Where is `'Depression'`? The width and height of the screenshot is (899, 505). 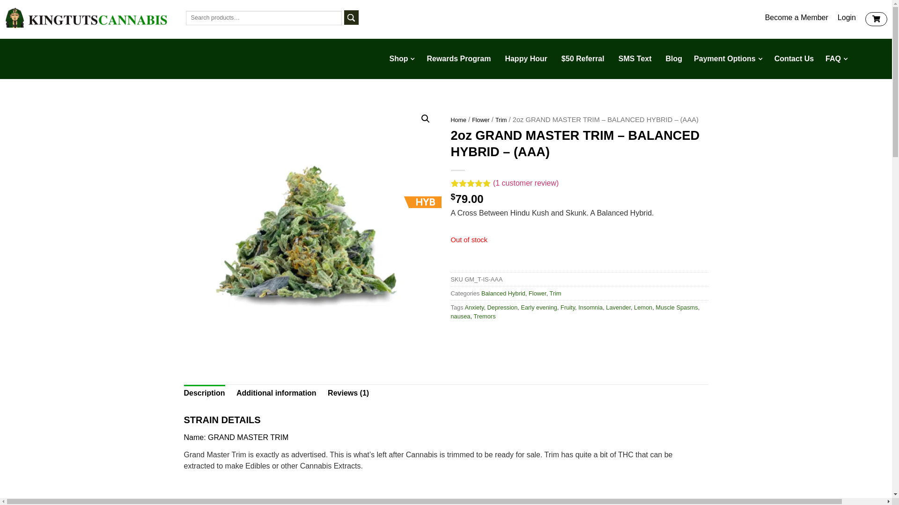
'Depression' is located at coordinates (502, 307).